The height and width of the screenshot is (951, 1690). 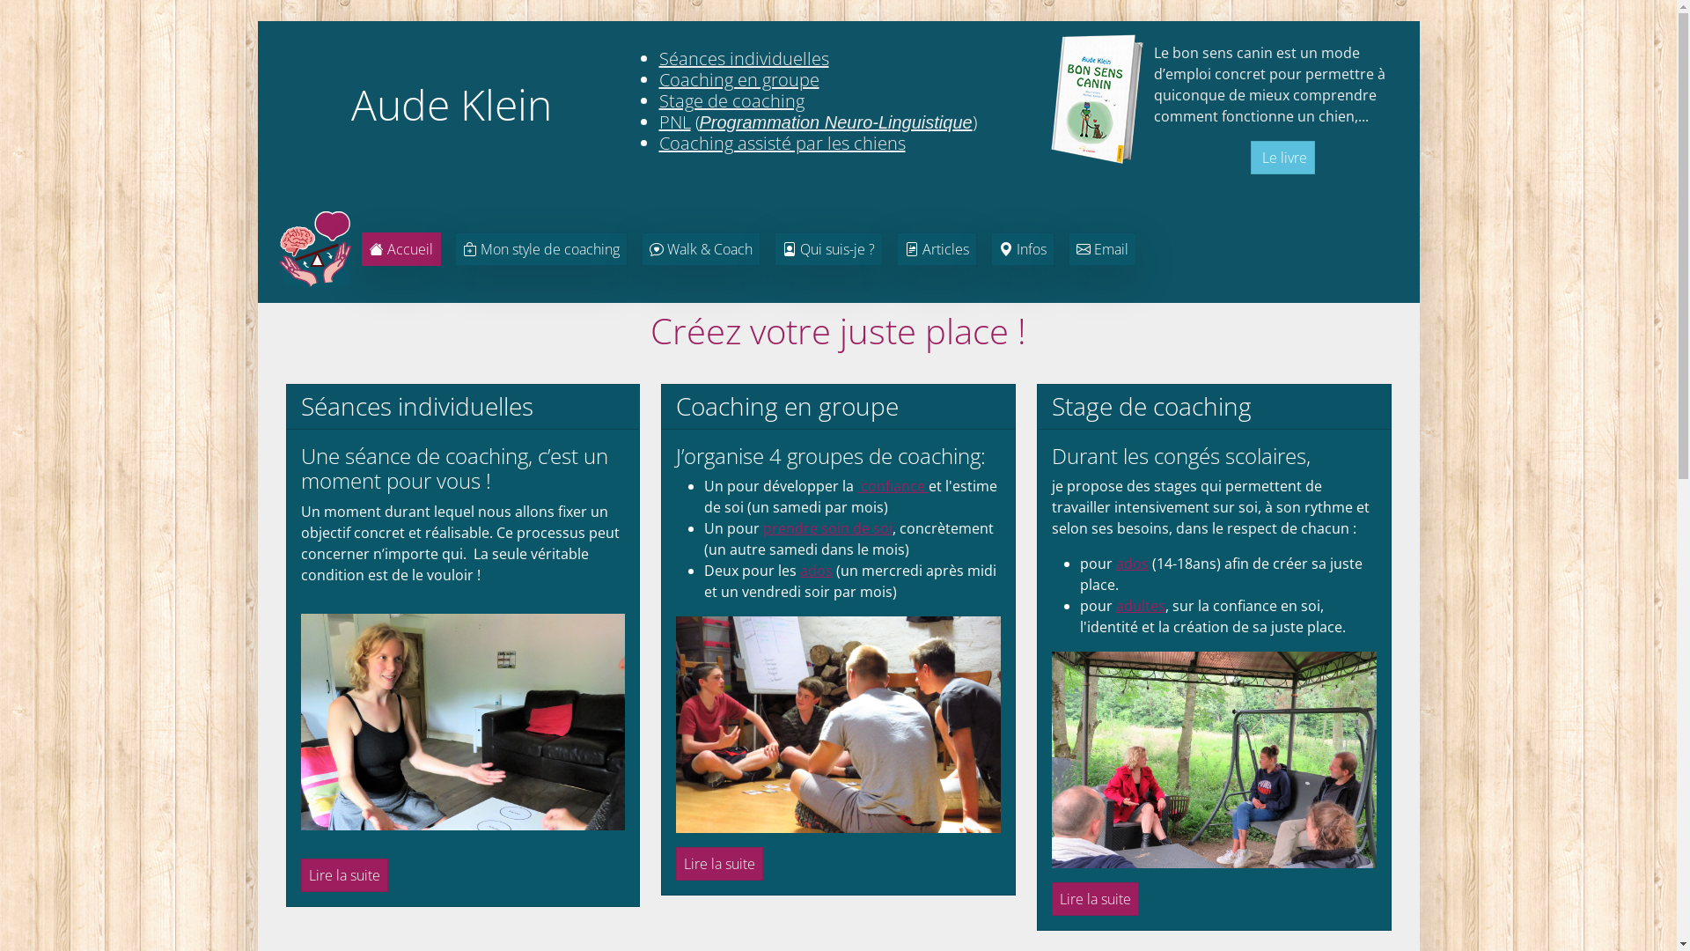 What do you see at coordinates (827, 527) in the screenshot?
I see `'prendre soin de soi'` at bounding box center [827, 527].